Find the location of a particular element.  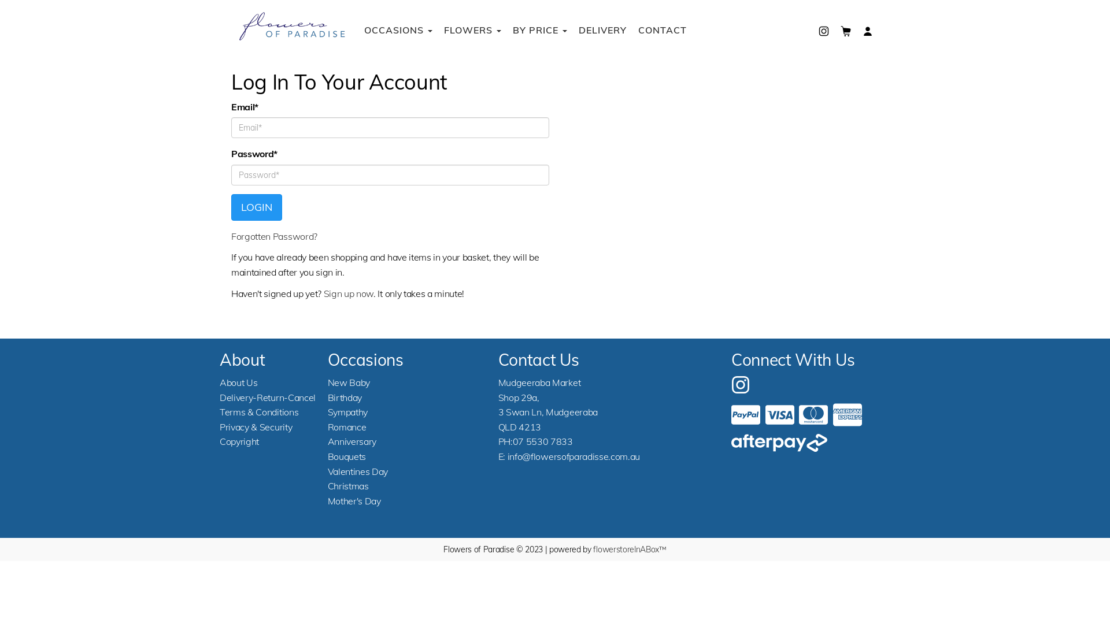

'Sympathy' is located at coordinates (347, 411).